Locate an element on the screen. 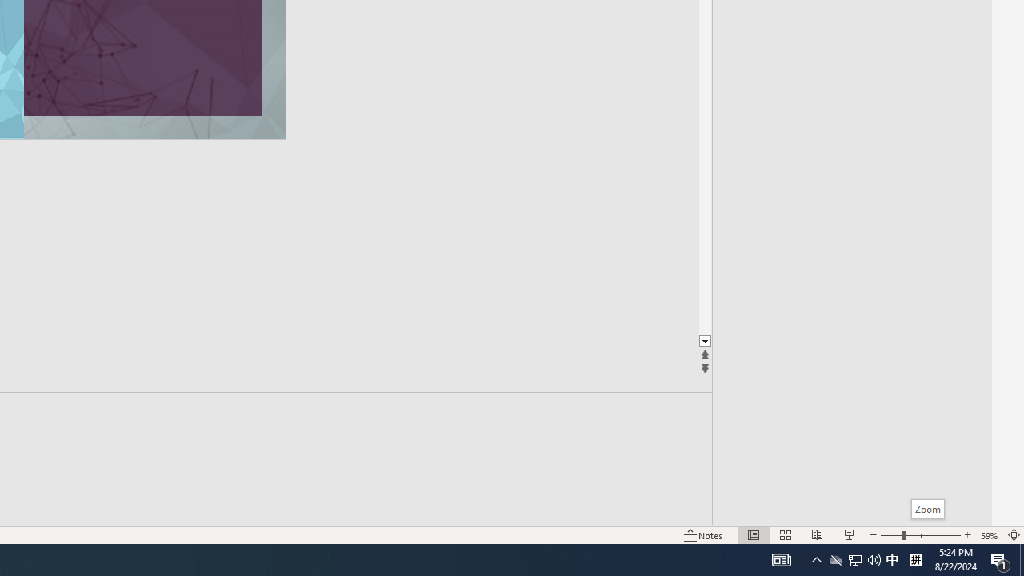 Image resolution: width=1024 pixels, height=576 pixels. 'Zoom 59%' is located at coordinates (989, 535).